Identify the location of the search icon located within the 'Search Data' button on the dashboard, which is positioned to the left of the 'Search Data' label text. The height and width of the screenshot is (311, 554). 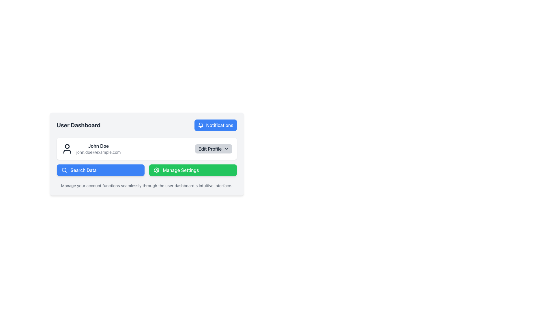
(64, 170).